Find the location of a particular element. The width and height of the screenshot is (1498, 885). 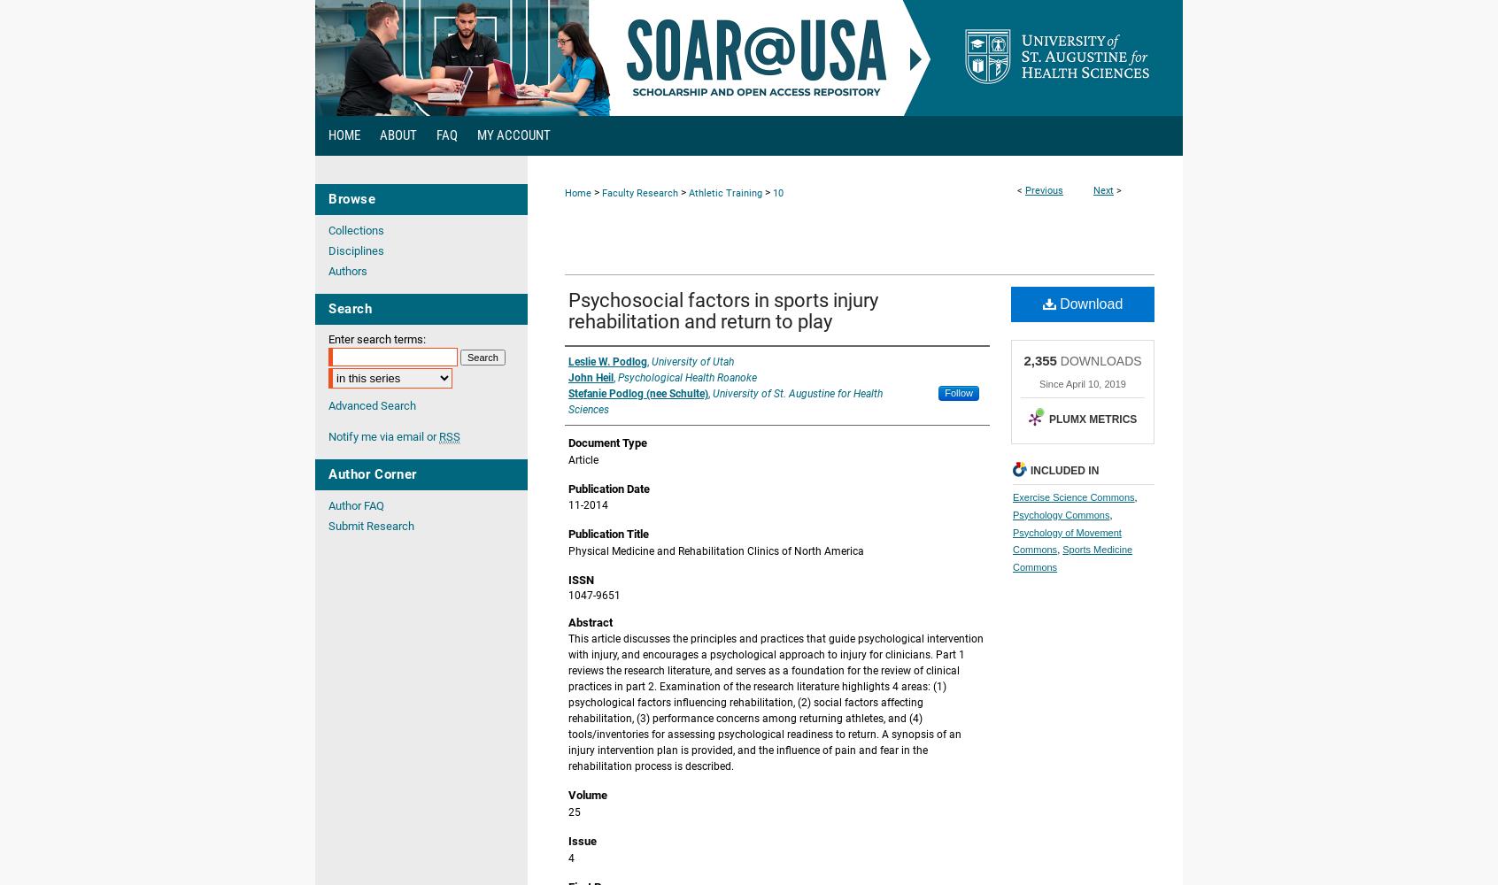

'25' is located at coordinates (575, 812).